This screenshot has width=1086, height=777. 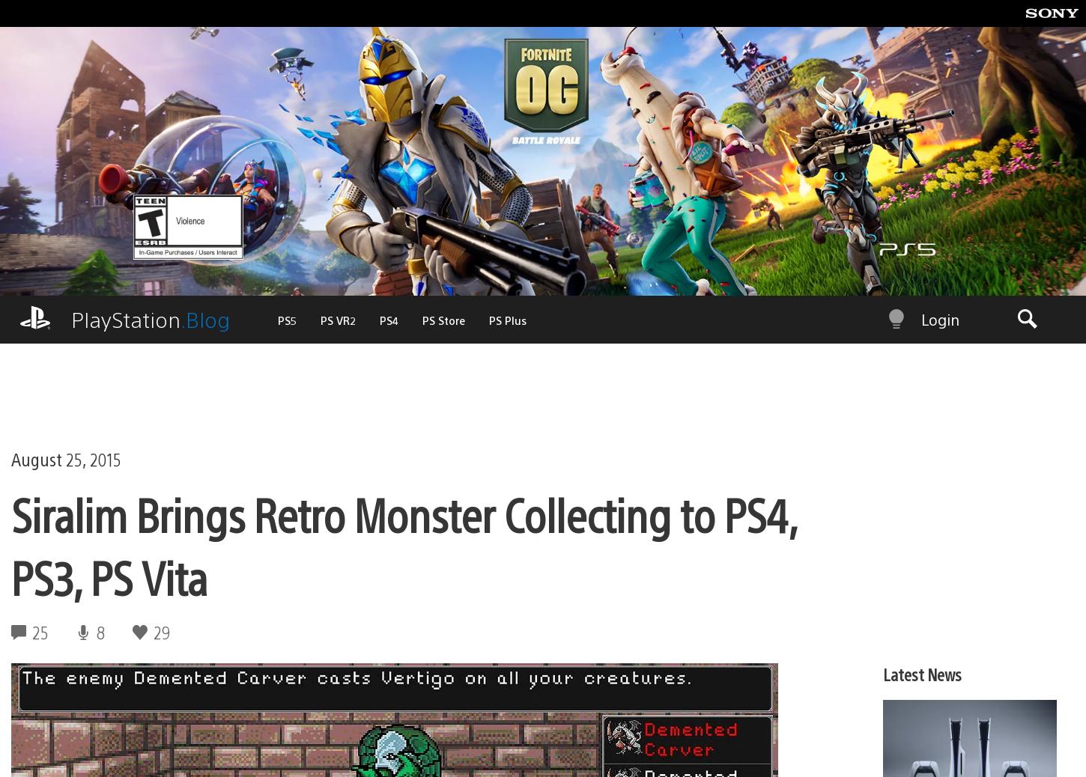 What do you see at coordinates (938, 310) in the screenshot?
I see `'Login'` at bounding box center [938, 310].